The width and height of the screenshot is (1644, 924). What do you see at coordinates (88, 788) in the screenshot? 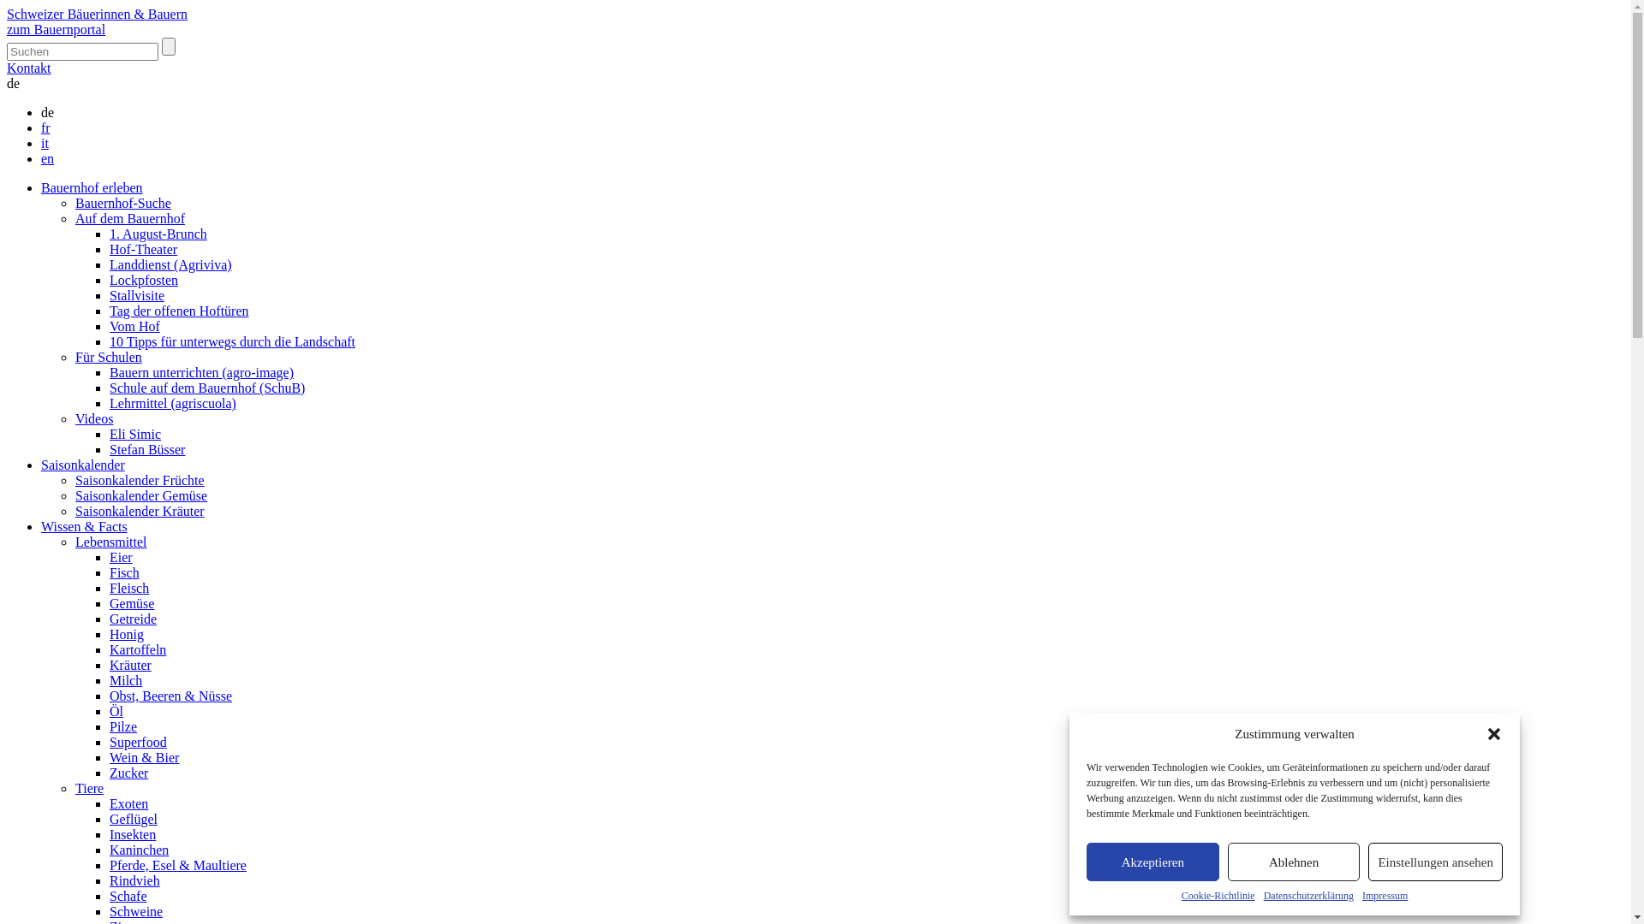
I see `'Tiere'` at bounding box center [88, 788].